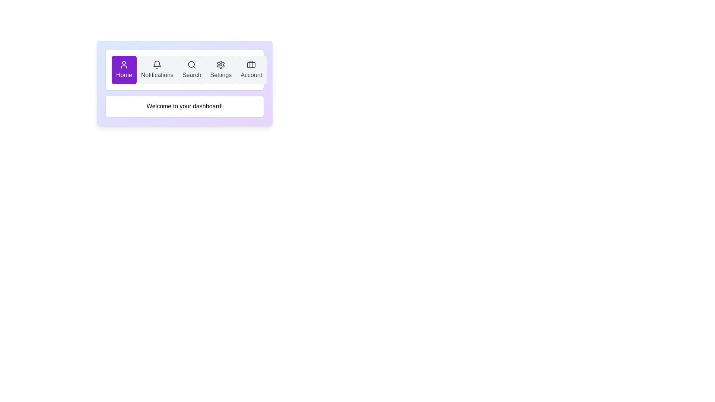 The image size is (715, 402). I want to click on the Settings icon, which is the fourth element from the left, so click(220, 64).